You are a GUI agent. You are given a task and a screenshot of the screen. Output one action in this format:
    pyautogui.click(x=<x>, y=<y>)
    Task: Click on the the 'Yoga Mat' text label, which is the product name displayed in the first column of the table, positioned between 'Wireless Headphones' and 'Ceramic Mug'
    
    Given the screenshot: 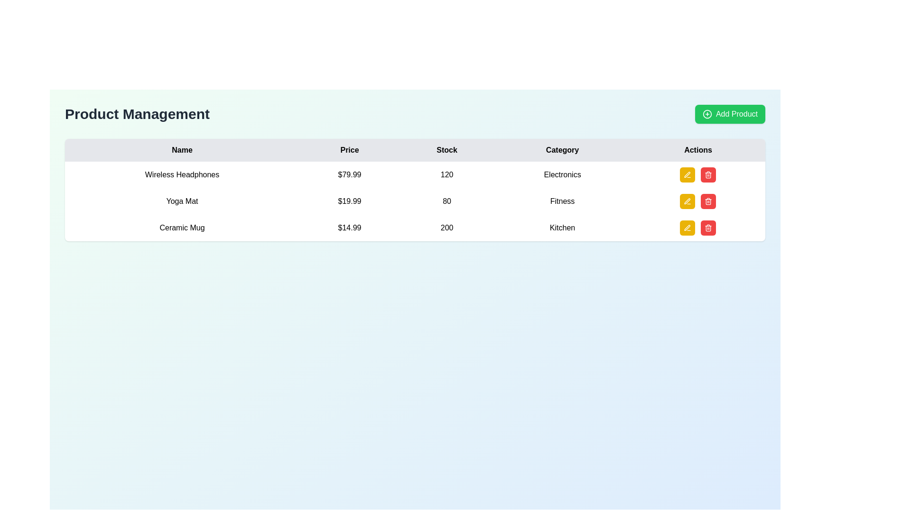 What is the action you would take?
    pyautogui.click(x=182, y=201)
    